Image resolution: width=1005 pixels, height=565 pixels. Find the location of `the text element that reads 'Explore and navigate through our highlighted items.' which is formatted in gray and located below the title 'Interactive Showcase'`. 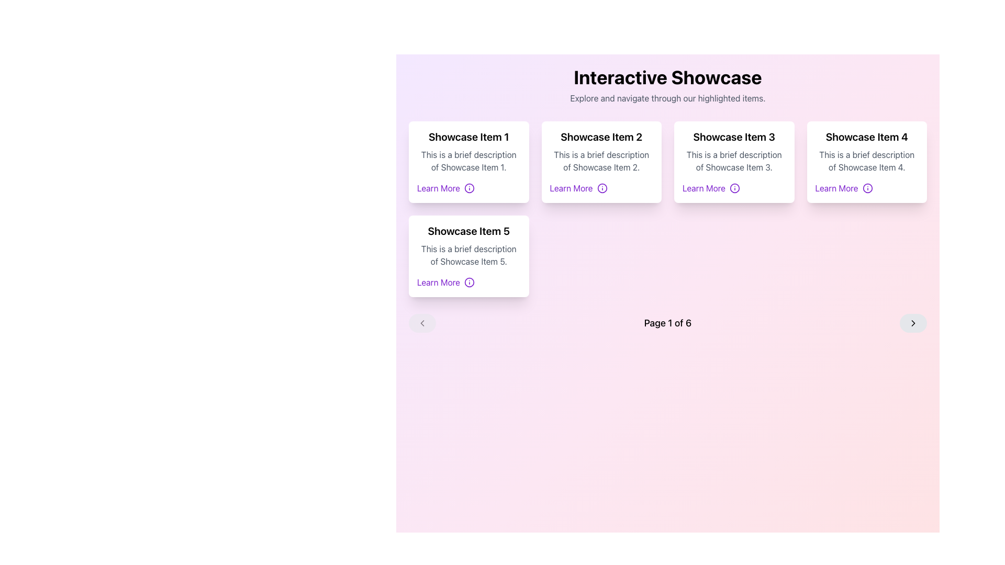

the text element that reads 'Explore and navigate through our highlighted items.' which is formatted in gray and located below the title 'Interactive Showcase' is located at coordinates (667, 98).